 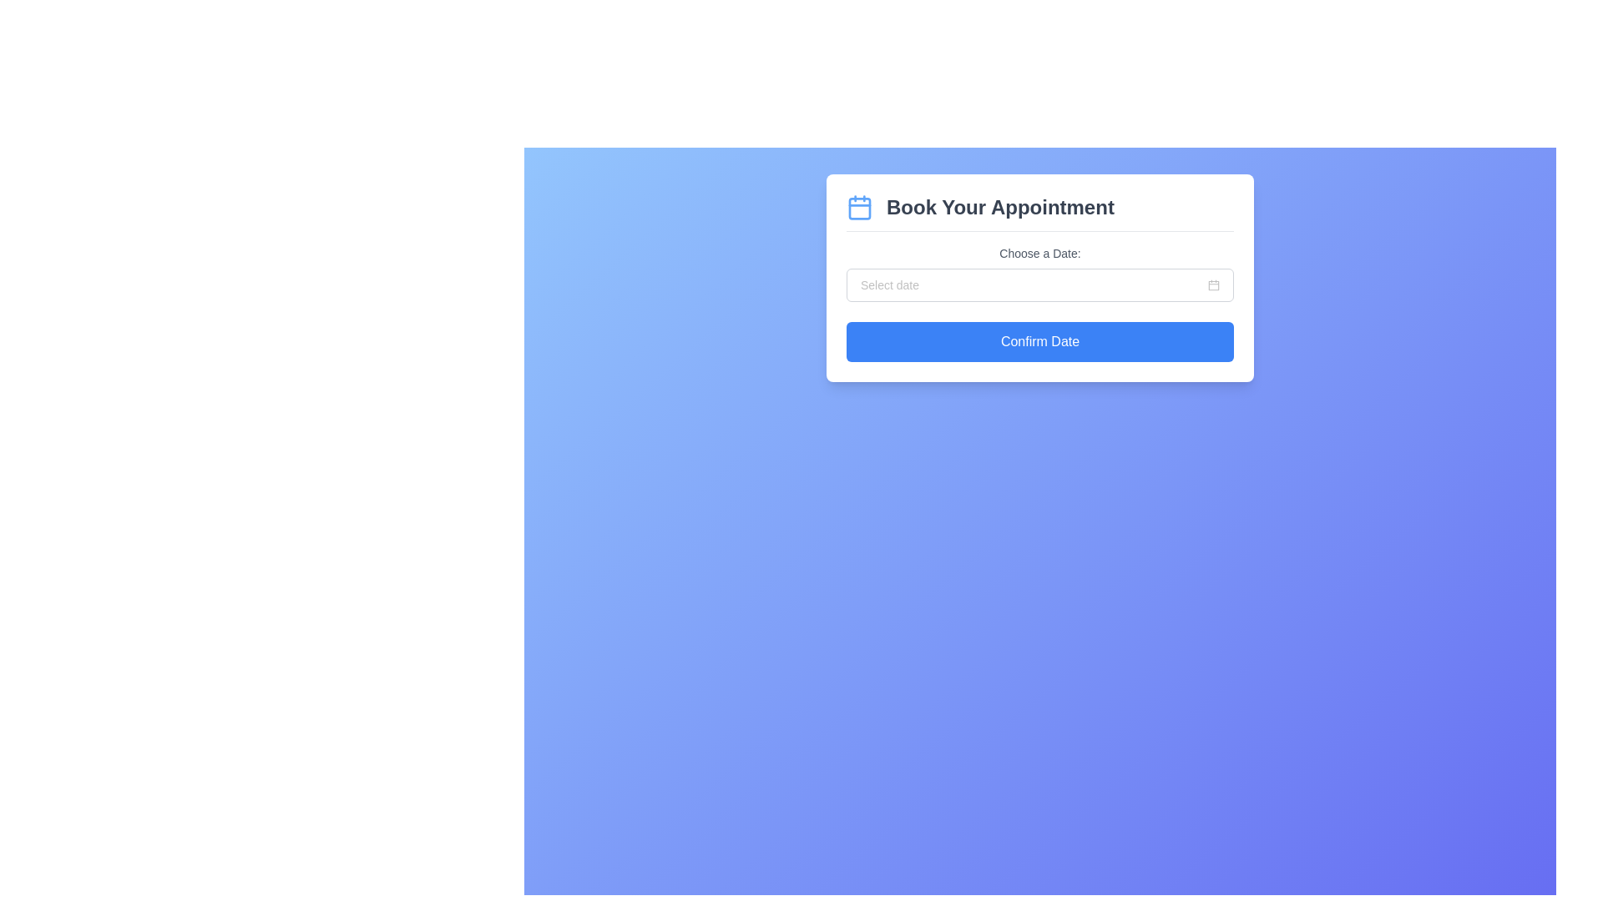 I want to click on the date selection icon located at the far right of the date input field, so click(x=1214, y=284).